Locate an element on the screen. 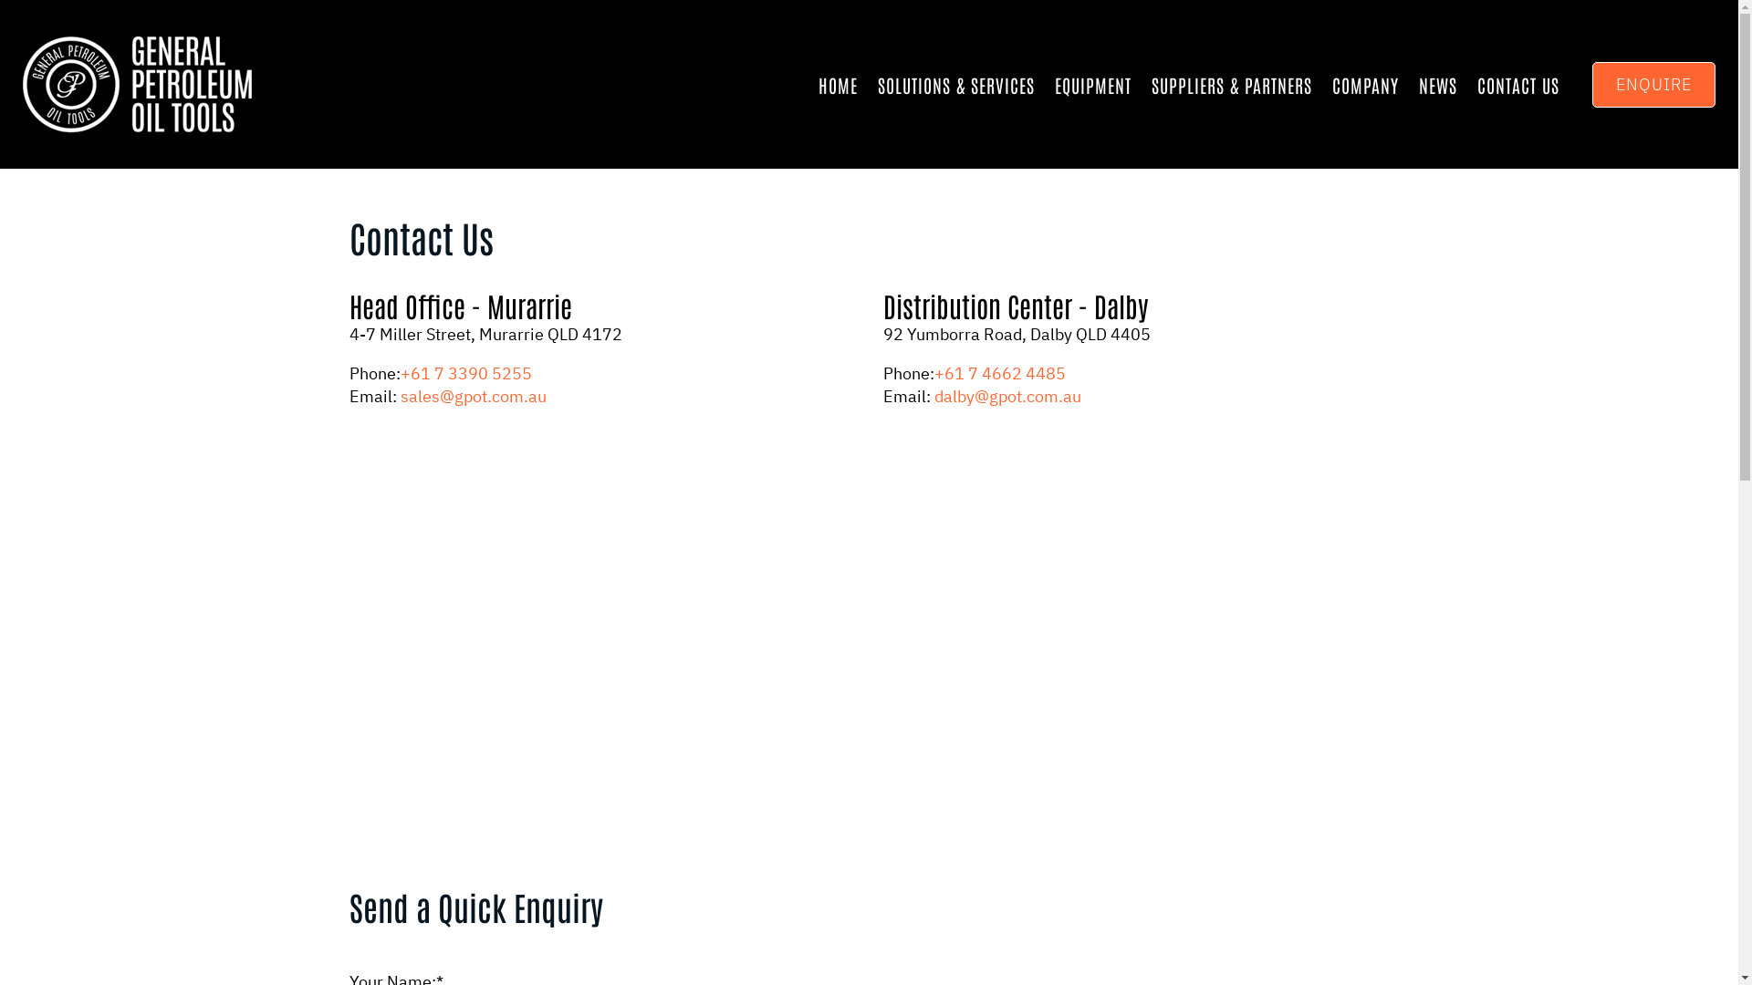 This screenshot has width=1752, height=985. 'SOLUTIONS & SERVICES' is located at coordinates (954, 84).